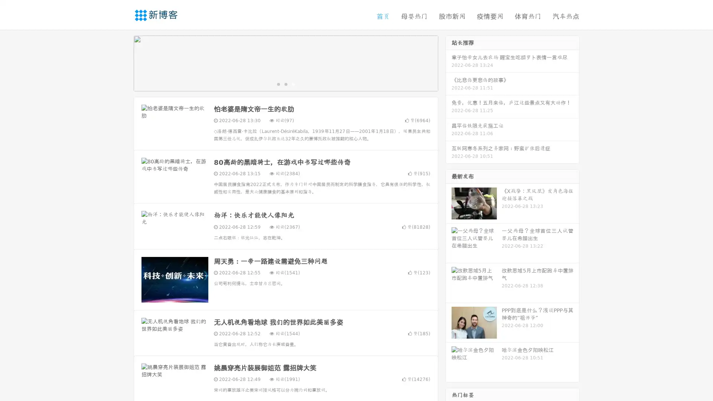 Image resolution: width=713 pixels, height=401 pixels. What do you see at coordinates (449, 62) in the screenshot?
I see `Next slide` at bounding box center [449, 62].